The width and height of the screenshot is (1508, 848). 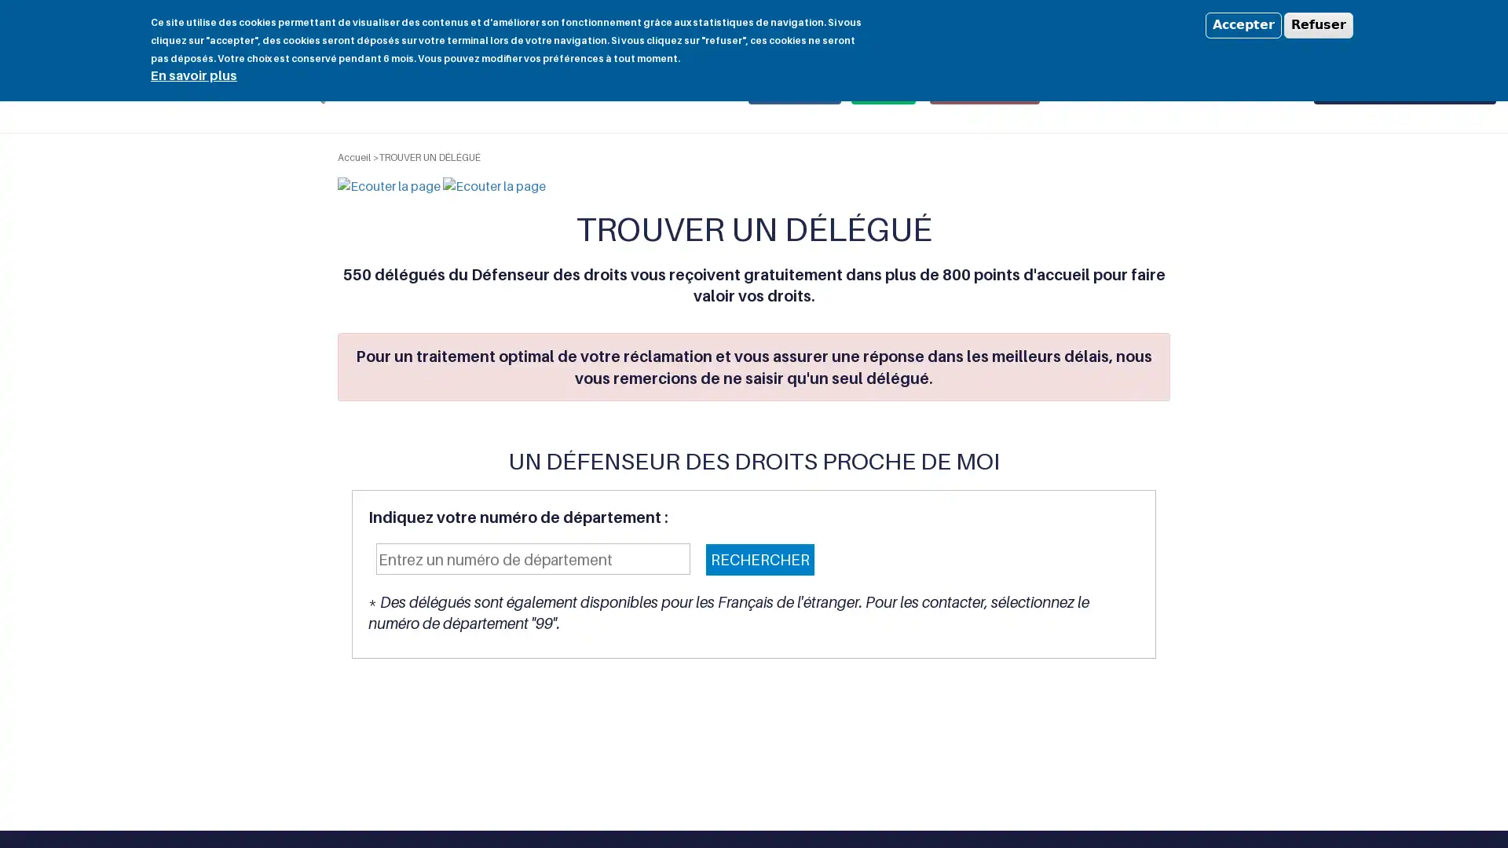 I want to click on En savoir plus, so click(x=192, y=75).